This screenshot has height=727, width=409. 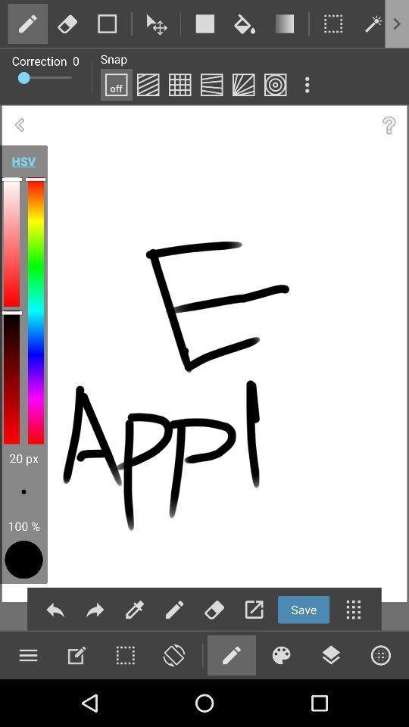 I want to click on medibang paint icon expand icon, so click(x=307, y=85).